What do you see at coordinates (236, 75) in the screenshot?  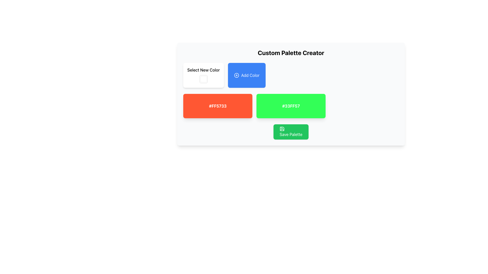 I see `the decorative SVG Circle that represents the 'Add Color' icon located at the top right of the central area of the interface` at bounding box center [236, 75].